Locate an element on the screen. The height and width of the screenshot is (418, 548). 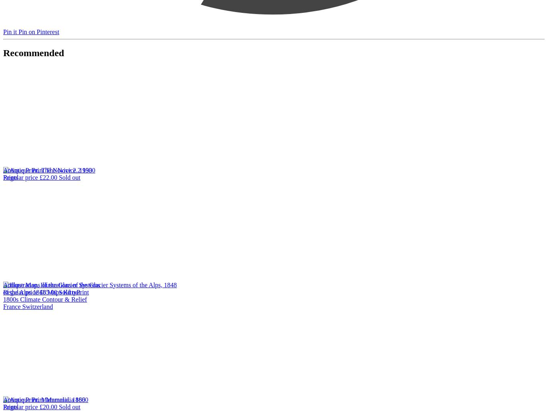
'Pin it' is located at coordinates (10, 31).